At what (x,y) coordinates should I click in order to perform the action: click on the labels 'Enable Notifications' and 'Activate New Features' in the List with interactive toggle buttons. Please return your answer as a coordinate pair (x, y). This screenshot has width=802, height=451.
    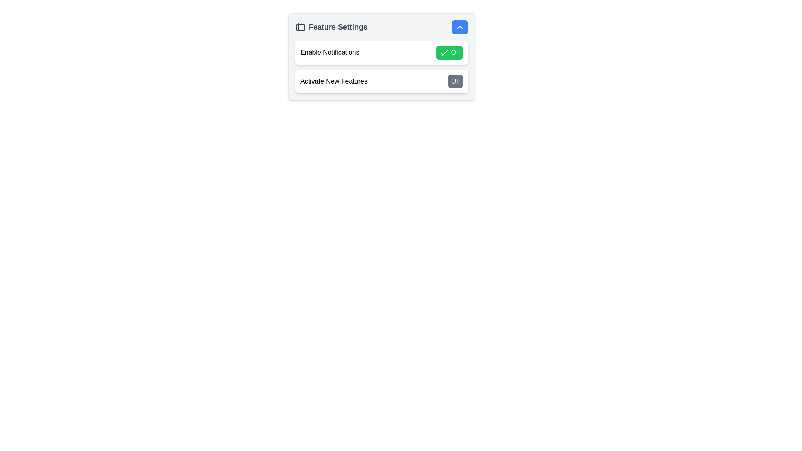
    Looking at the image, I should click on (381, 66).